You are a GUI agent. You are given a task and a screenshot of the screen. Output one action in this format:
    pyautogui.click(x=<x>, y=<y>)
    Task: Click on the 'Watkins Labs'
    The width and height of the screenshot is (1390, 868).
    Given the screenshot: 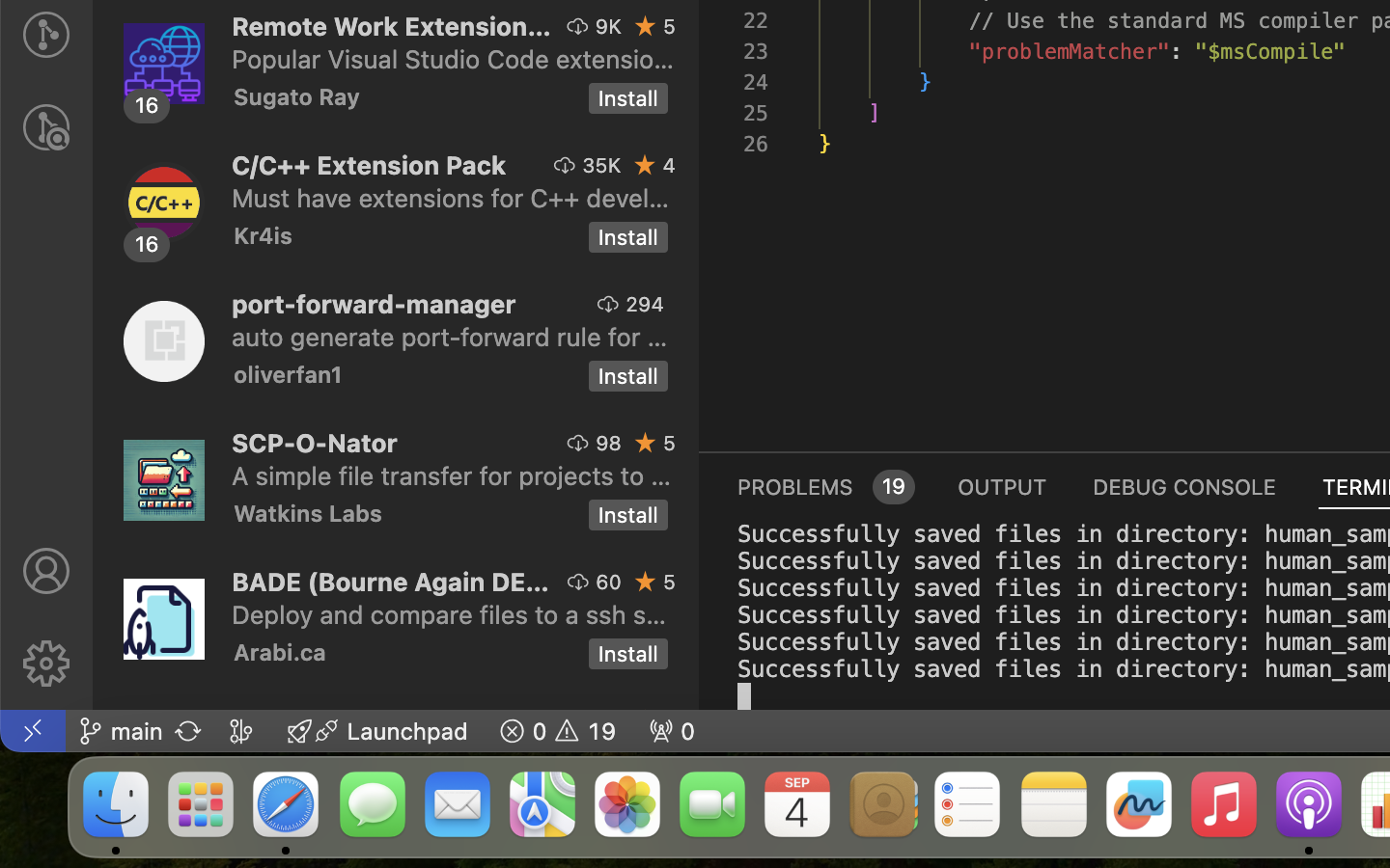 What is the action you would take?
    pyautogui.click(x=307, y=511)
    